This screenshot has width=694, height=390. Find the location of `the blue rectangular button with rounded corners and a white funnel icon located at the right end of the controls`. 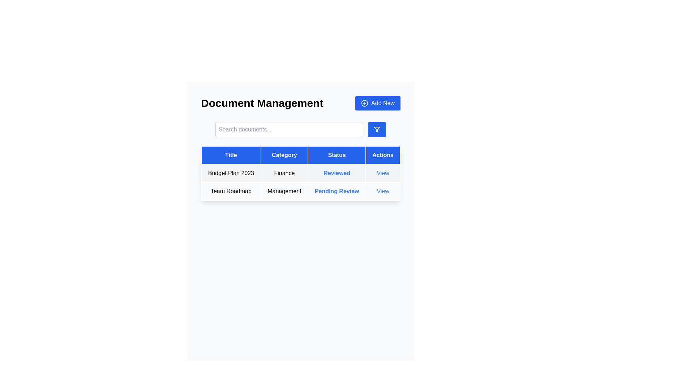

the blue rectangular button with rounded corners and a white funnel icon located at the right end of the controls is located at coordinates (376, 129).